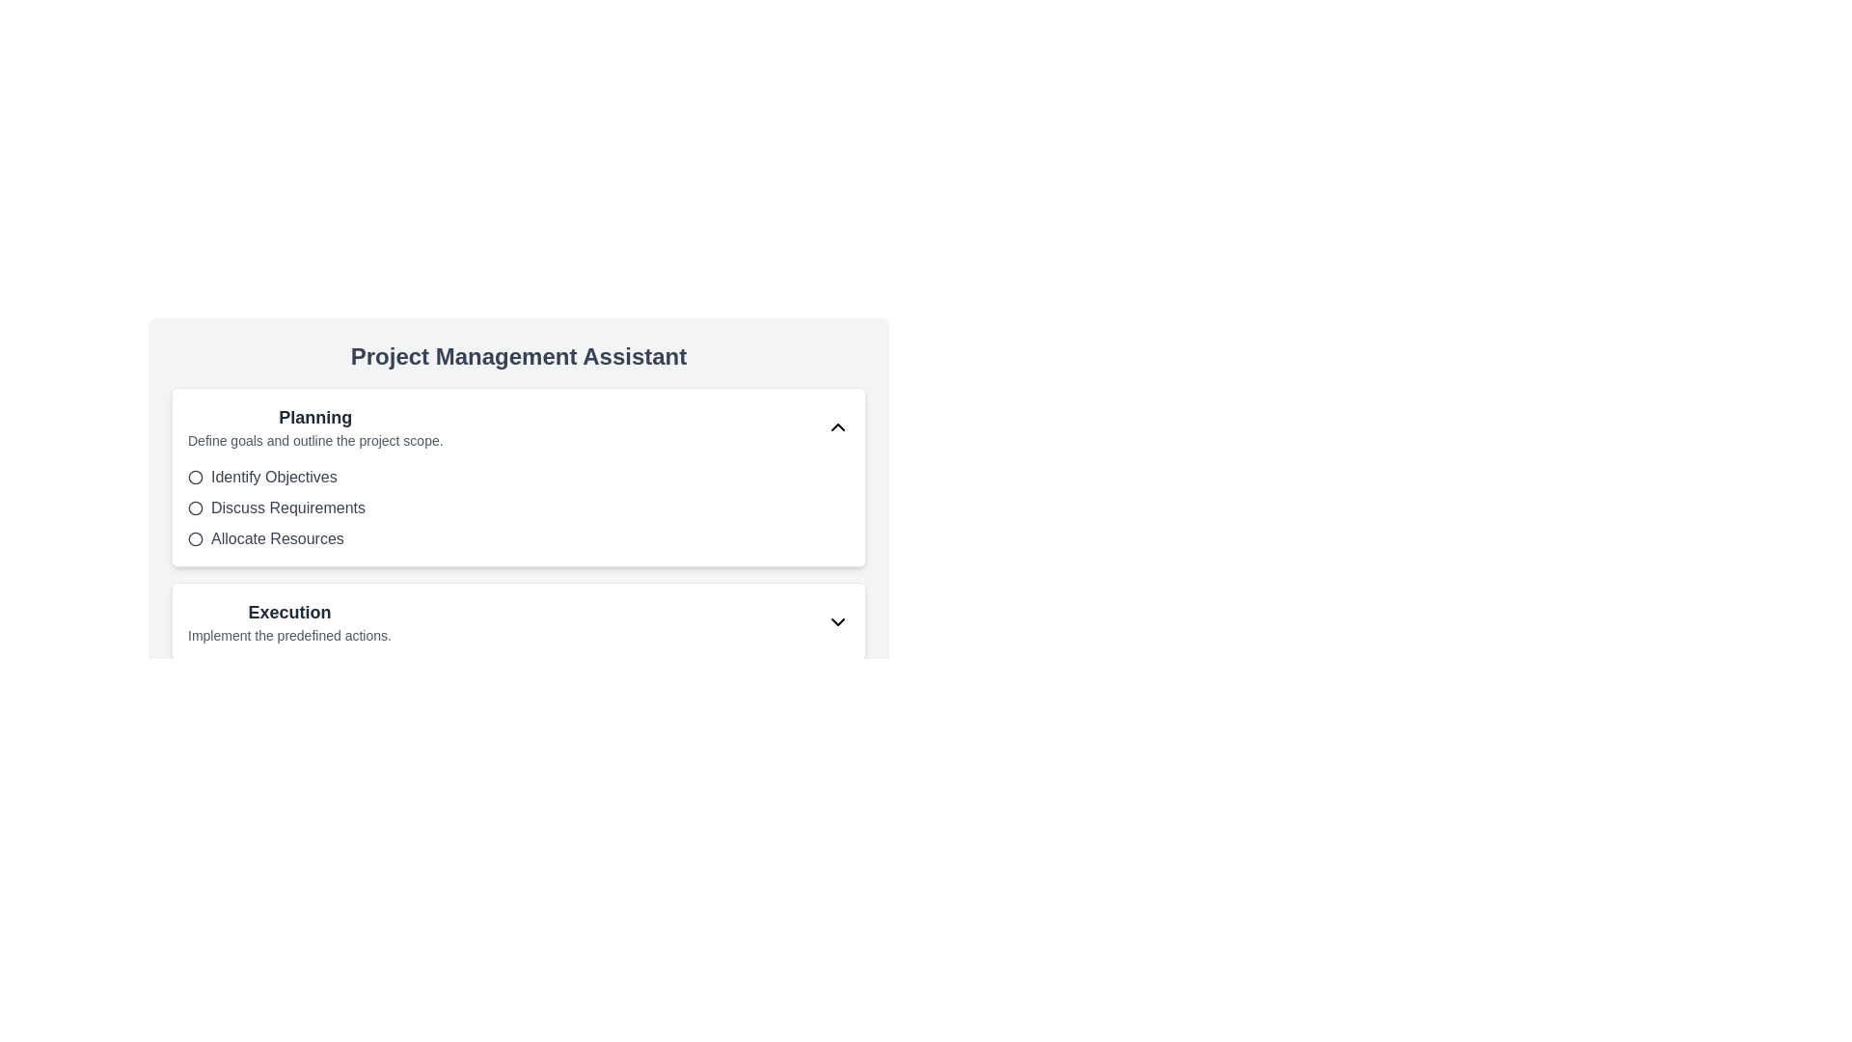 This screenshot has width=1852, height=1042. Describe the element at coordinates (518, 507) in the screenshot. I see `the second radio button labeled 'Discuss Requirements' in the vertical stack of radio buttons under the 'Planning' section` at that location.